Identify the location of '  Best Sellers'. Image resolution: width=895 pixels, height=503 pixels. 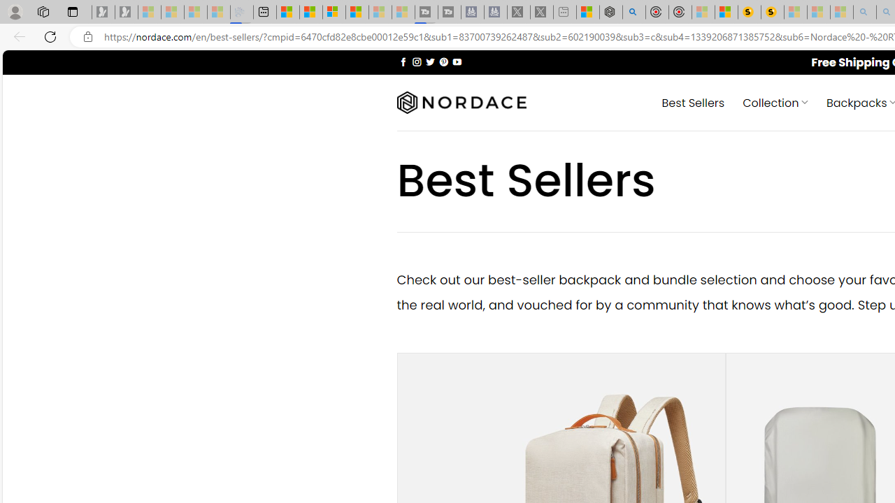
(693, 101).